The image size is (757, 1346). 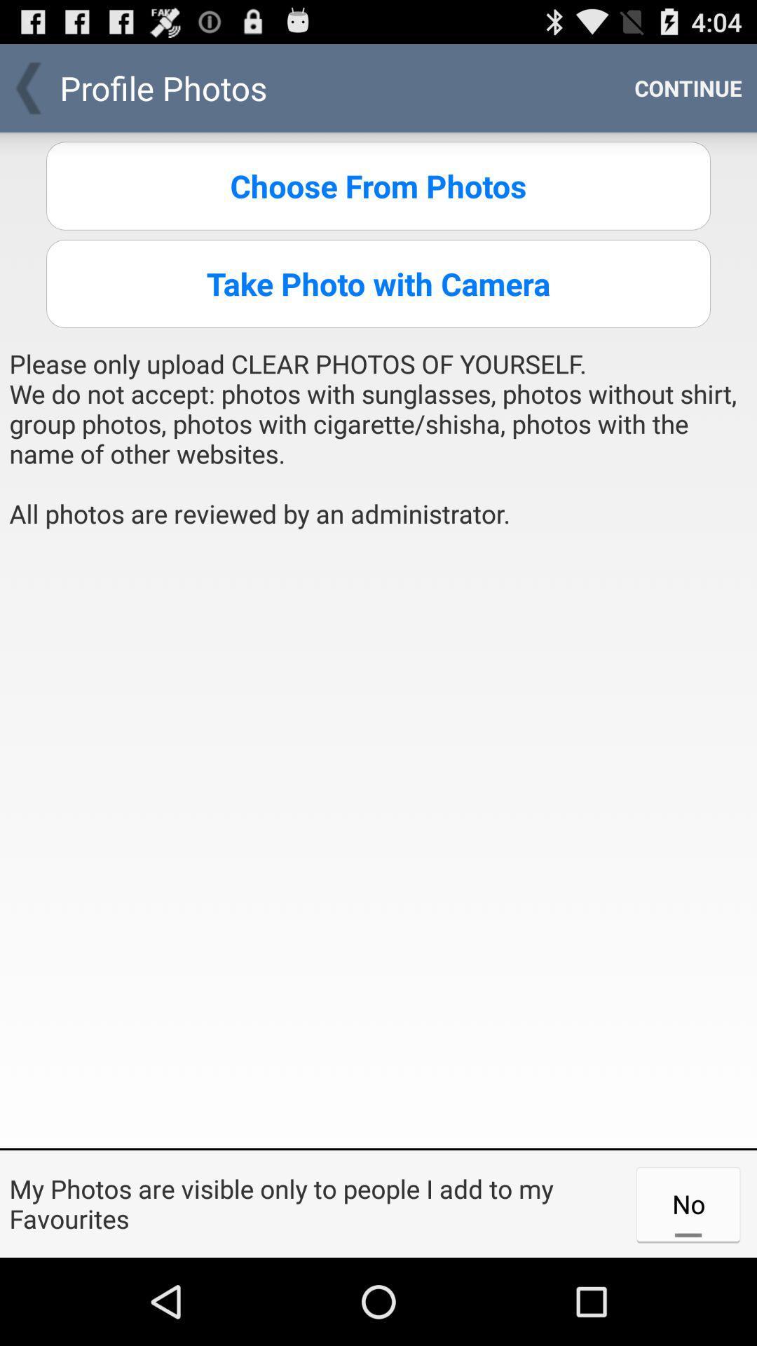 I want to click on the icon above the take photo with button, so click(x=378, y=185).